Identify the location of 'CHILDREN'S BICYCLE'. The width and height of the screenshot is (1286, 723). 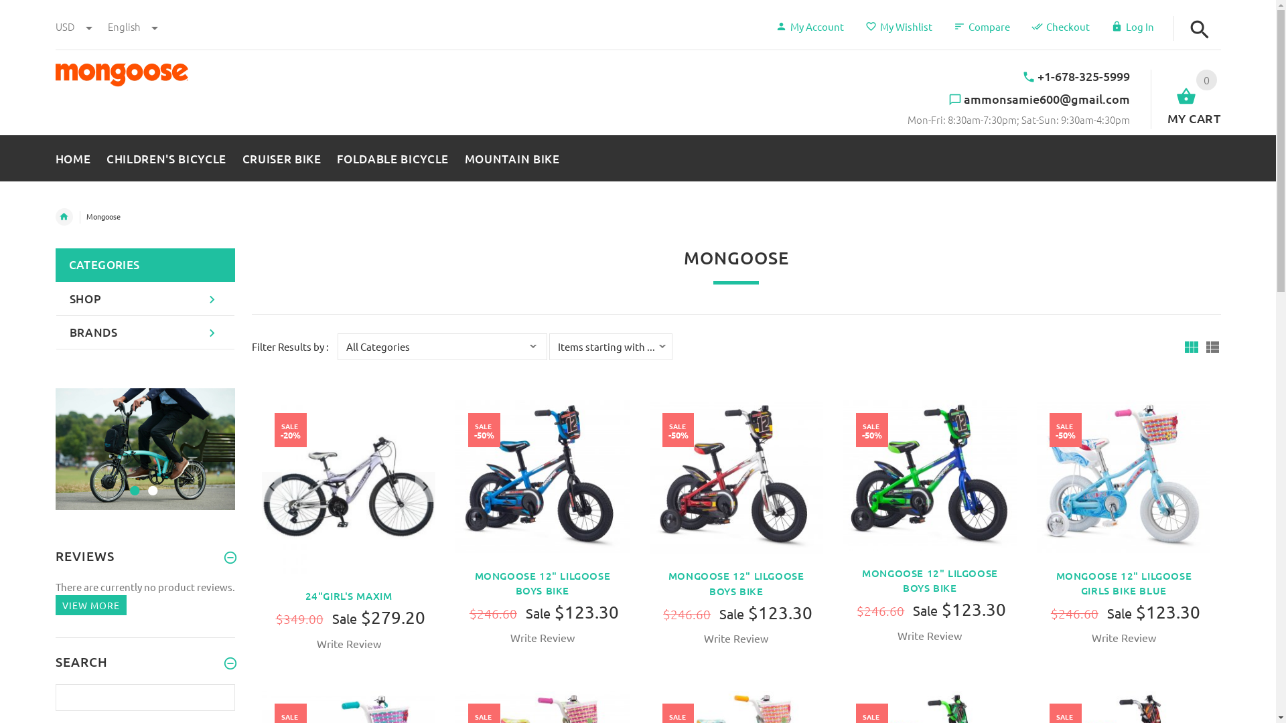
(165, 155).